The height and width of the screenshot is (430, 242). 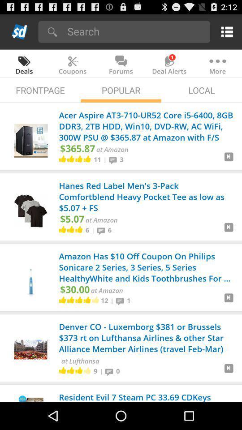 I want to click on icon to the right of the | app, so click(x=110, y=371).